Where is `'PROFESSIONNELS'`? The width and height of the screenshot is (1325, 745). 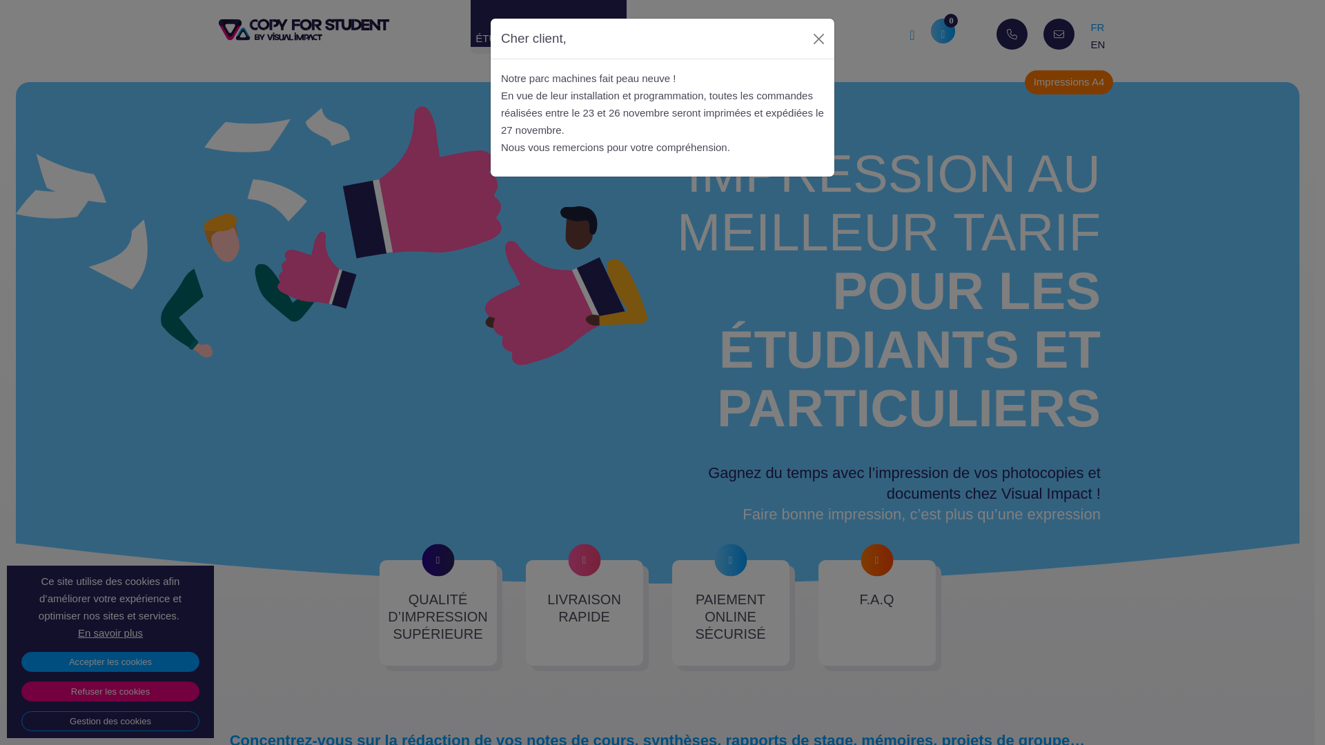 'PROFESSIONNELS' is located at coordinates (700, 34).